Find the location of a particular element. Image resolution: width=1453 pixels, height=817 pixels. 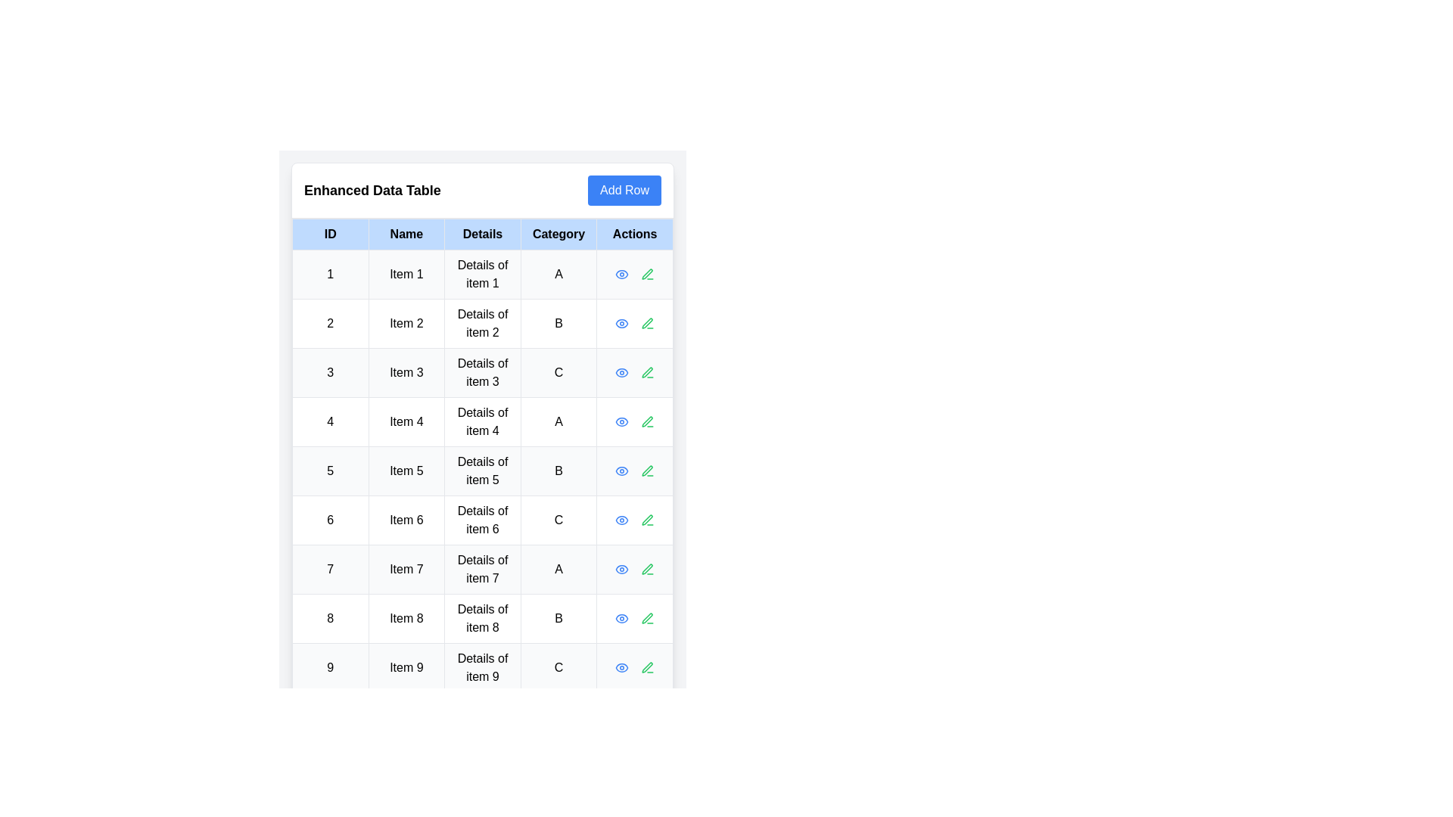

the eye icon located in the 'Actions' column of the fourth row in the table, adjacent to the row labeled 'Item 4.' is located at coordinates (622, 422).